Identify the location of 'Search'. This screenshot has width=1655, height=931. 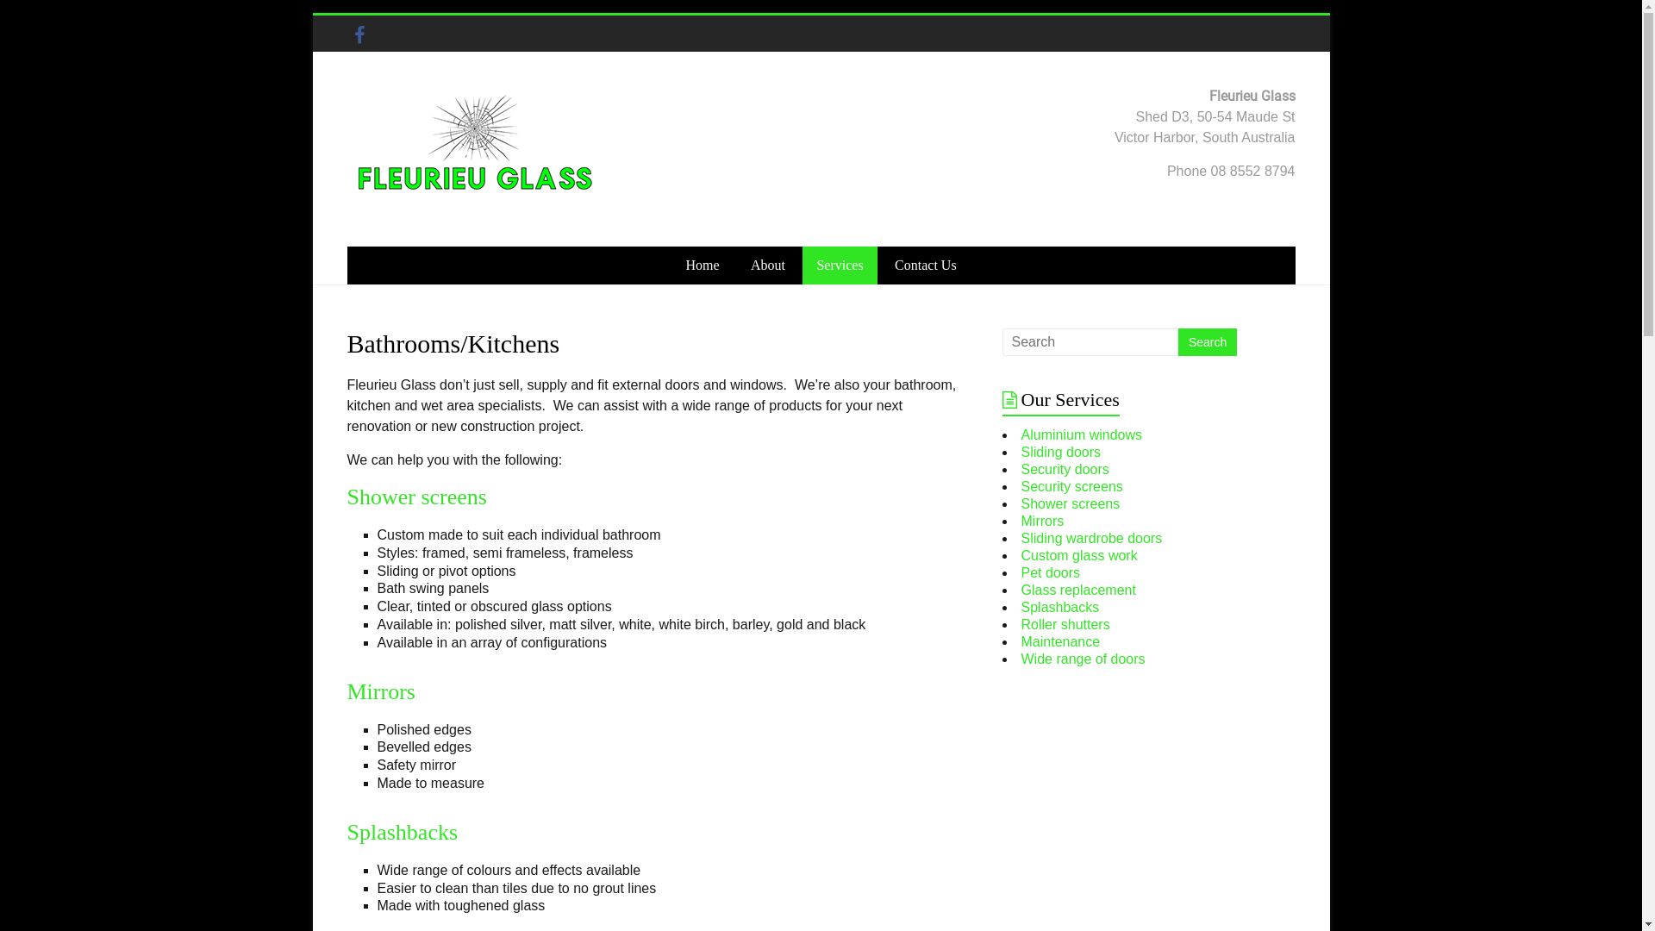
(1207, 342).